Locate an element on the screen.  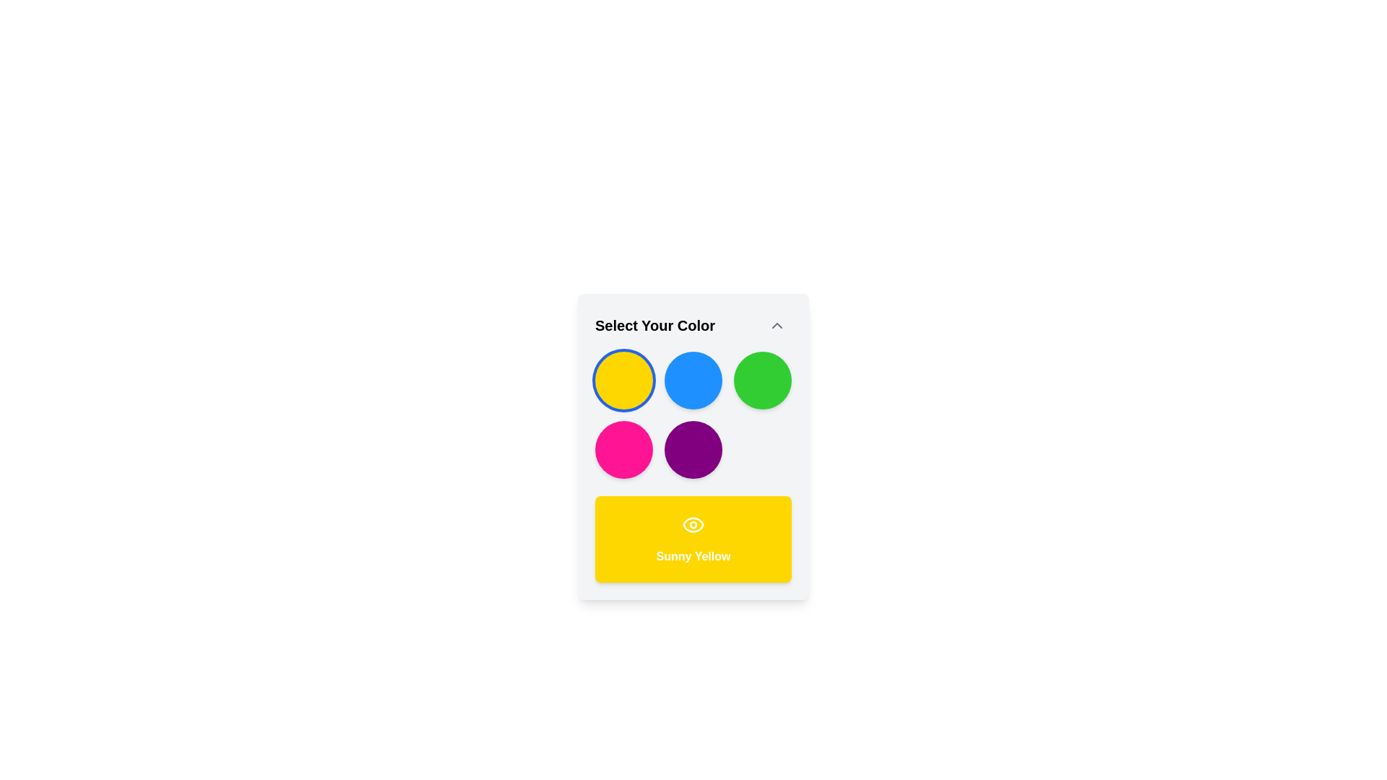
the icon element located at the top-right corner of the card adjacent to the title 'Select Your Color' is located at coordinates (776, 326).